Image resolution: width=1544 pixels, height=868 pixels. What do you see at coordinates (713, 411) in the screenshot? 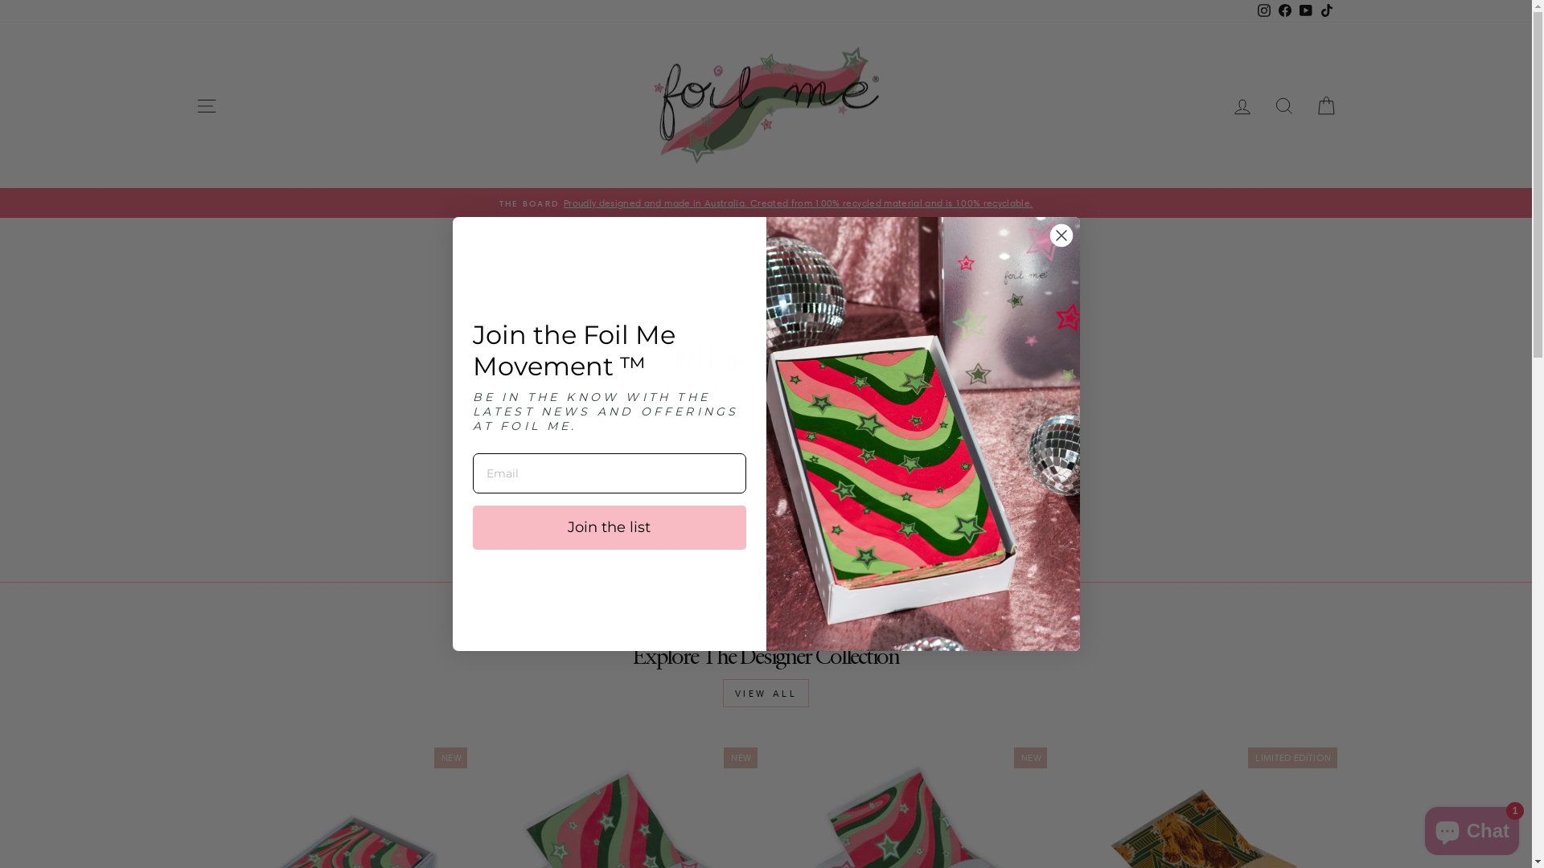
I see `'Continue shopping'` at bounding box center [713, 411].